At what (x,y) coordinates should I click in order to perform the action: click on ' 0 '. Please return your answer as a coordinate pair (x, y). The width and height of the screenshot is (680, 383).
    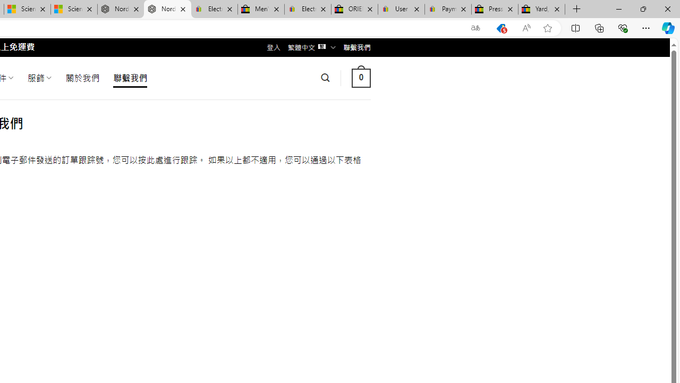
    Looking at the image, I should click on (361, 77).